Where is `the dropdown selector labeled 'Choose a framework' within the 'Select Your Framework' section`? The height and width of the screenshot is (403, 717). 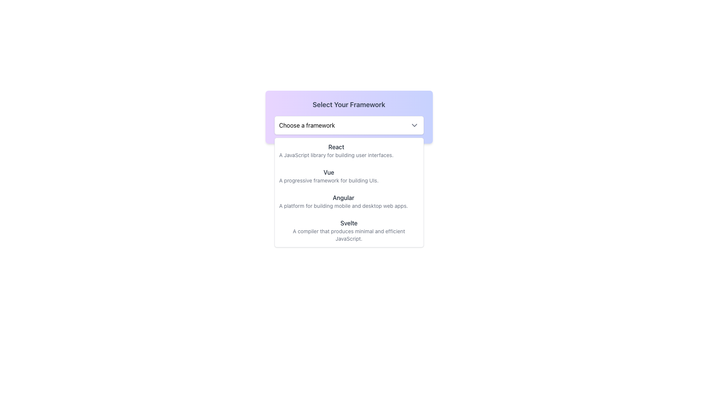 the dropdown selector labeled 'Choose a framework' within the 'Select Your Framework' section is located at coordinates (348, 117).